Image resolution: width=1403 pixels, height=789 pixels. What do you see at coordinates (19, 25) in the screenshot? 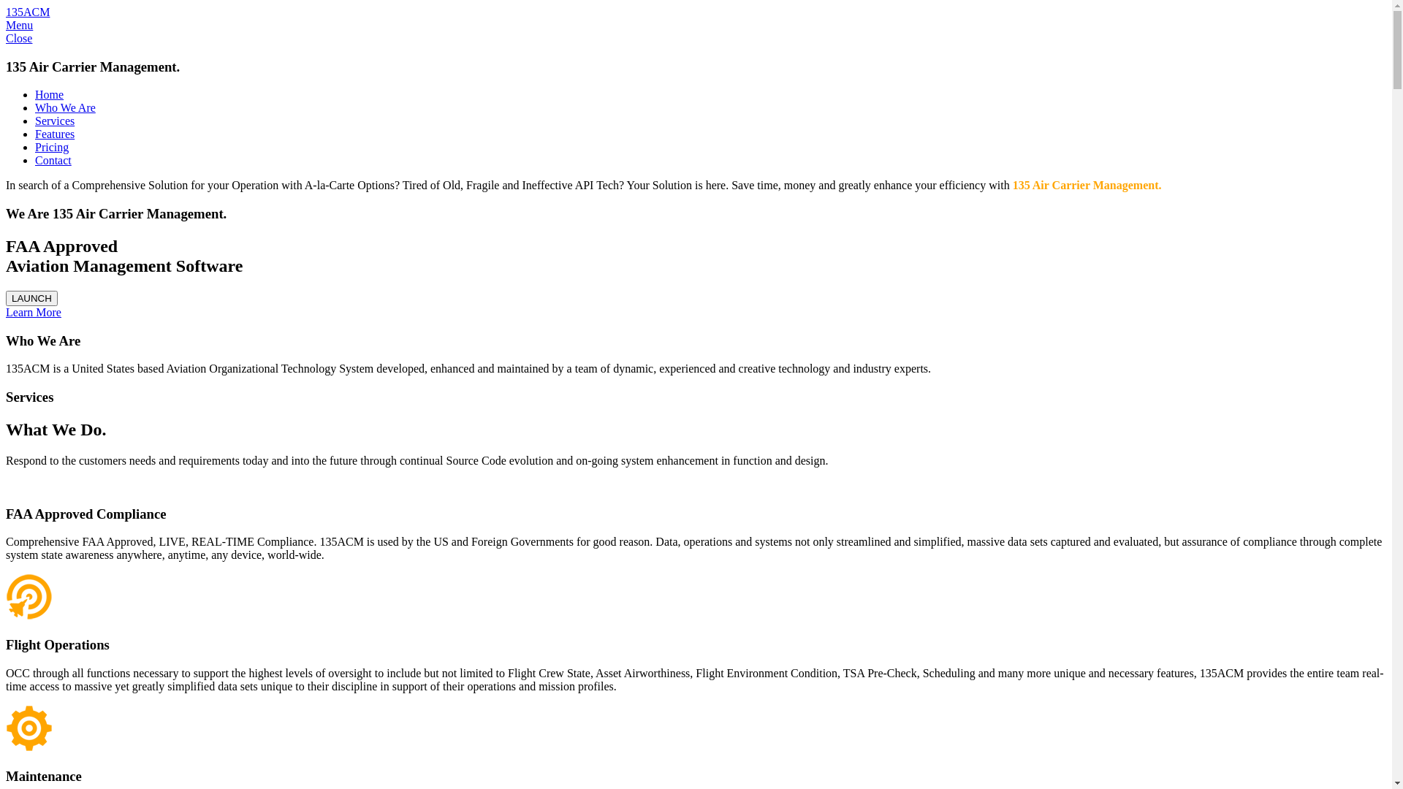
I see `'Menu'` at bounding box center [19, 25].